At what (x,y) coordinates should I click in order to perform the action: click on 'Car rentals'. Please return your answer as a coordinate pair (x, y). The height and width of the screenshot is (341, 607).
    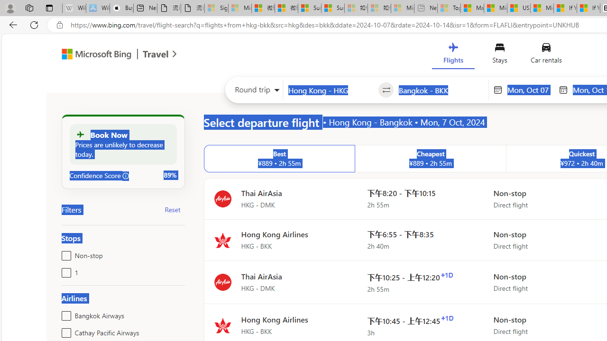
    Looking at the image, I should click on (546, 55).